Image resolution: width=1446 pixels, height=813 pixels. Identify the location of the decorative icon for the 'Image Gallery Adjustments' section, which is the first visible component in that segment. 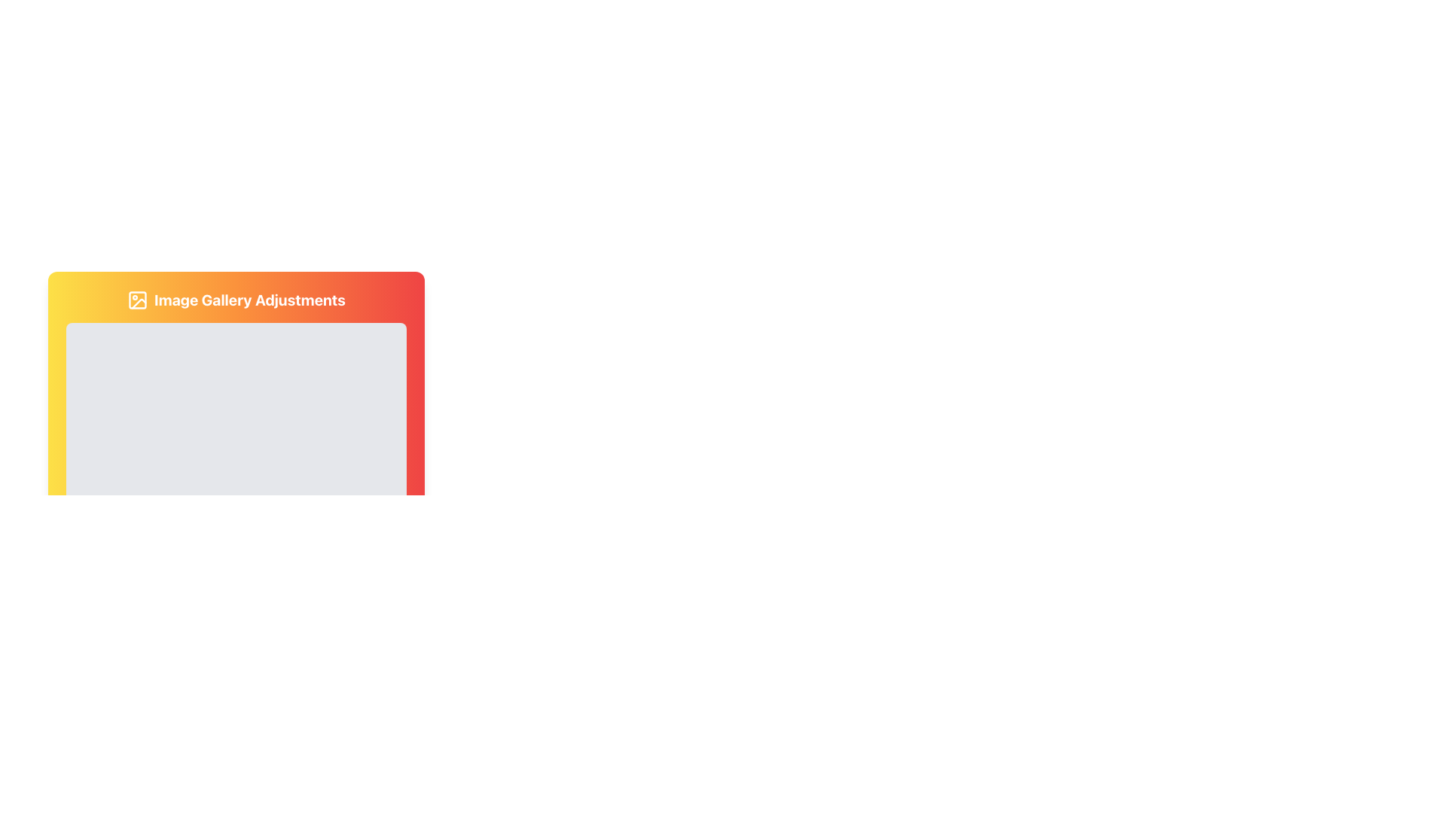
(138, 300).